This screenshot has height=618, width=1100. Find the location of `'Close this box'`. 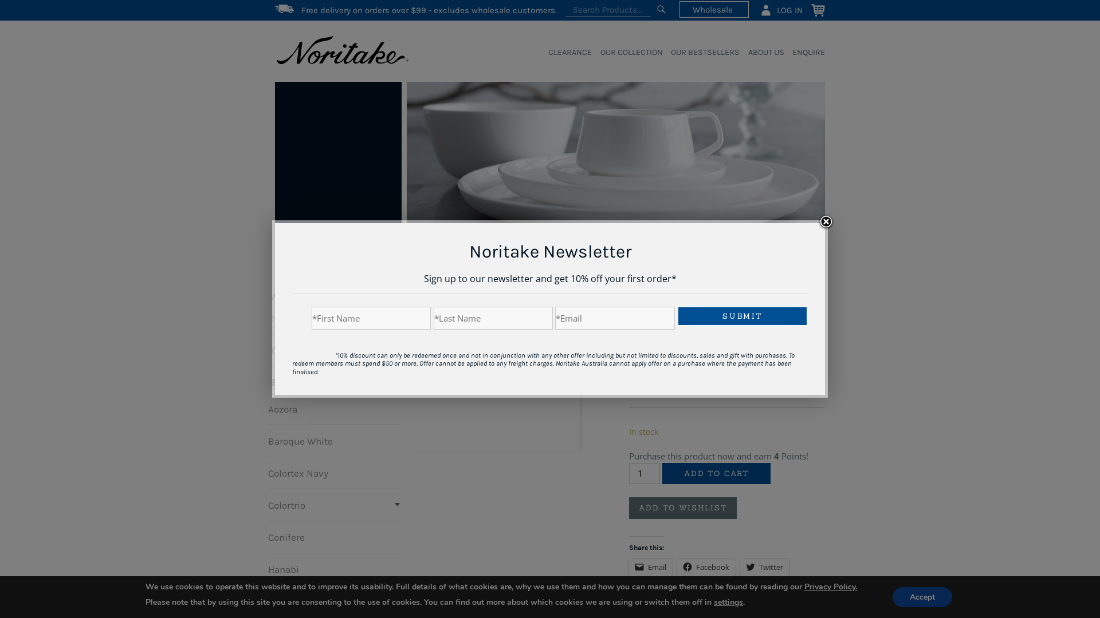

'Close this box' is located at coordinates (826, 222).